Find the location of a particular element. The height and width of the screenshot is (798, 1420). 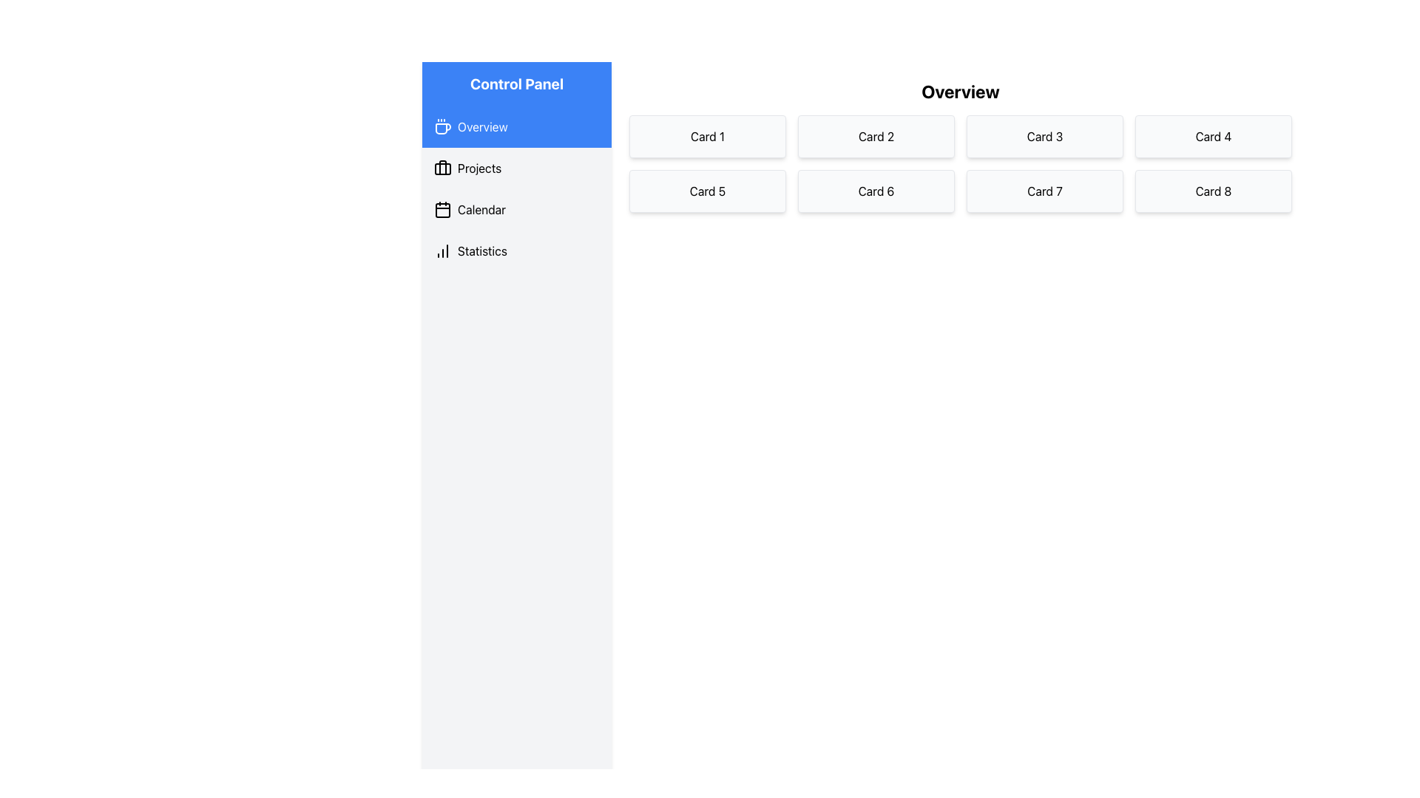

the main body of the briefcase icon in the 'Projects' row of the sidebar, which is a rectangular vector graphic with rounded corners is located at coordinates (442, 168).